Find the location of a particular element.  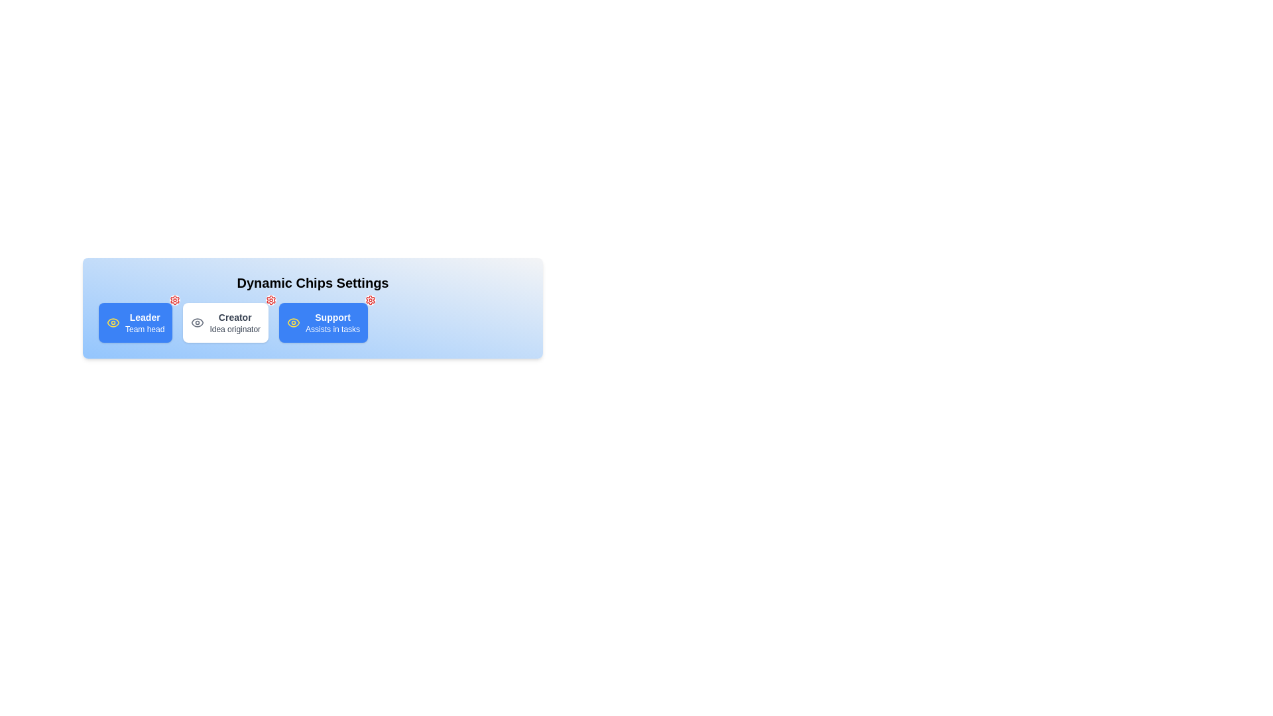

the settings icon for the chip labeled Leader is located at coordinates (174, 300).